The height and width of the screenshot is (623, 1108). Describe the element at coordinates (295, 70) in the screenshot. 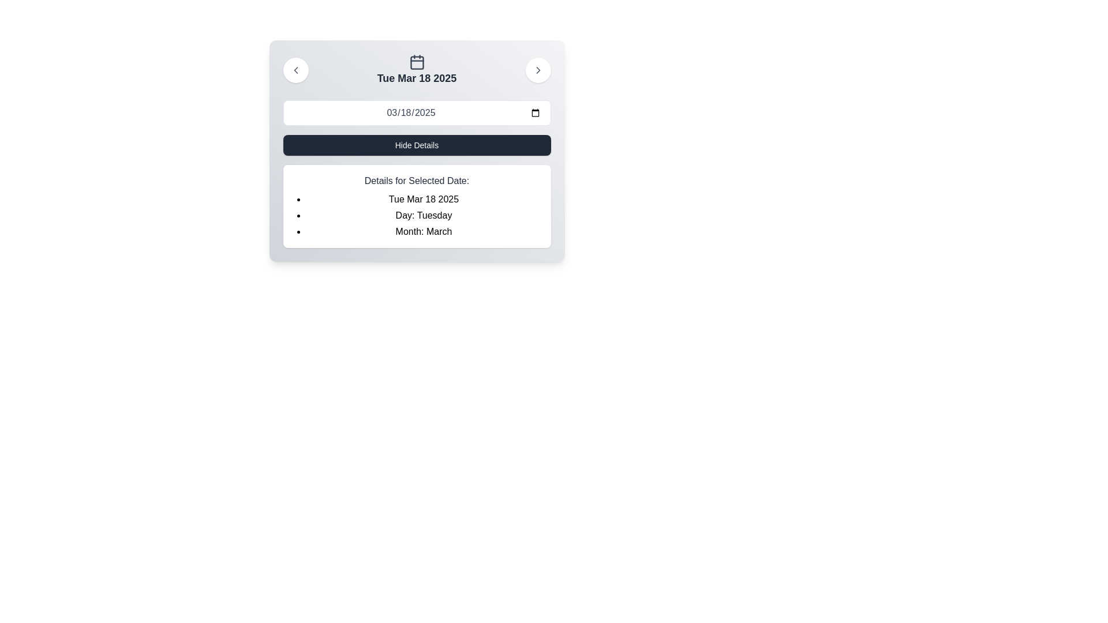

I see `the circular button with a white background and a left-pointing caret icon` at that location.